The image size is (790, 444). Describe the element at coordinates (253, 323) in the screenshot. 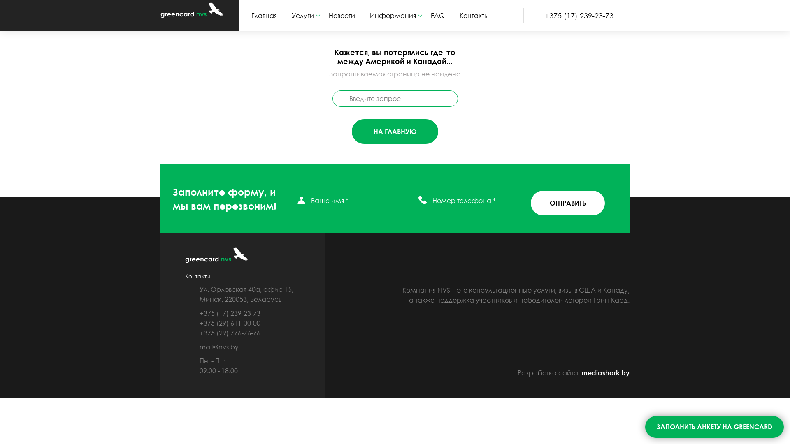

I see `'+375 (29) 611-00-00'` at that location.